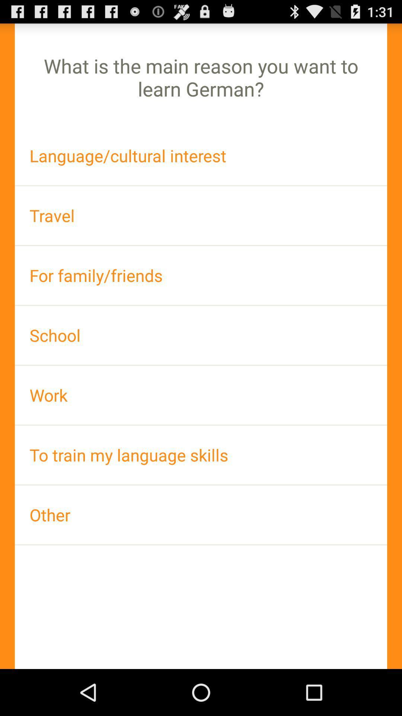  What do you see at coordinates (201, 455) in the screenshot?
I see `the to train my item` at bounding box center [201, 455].